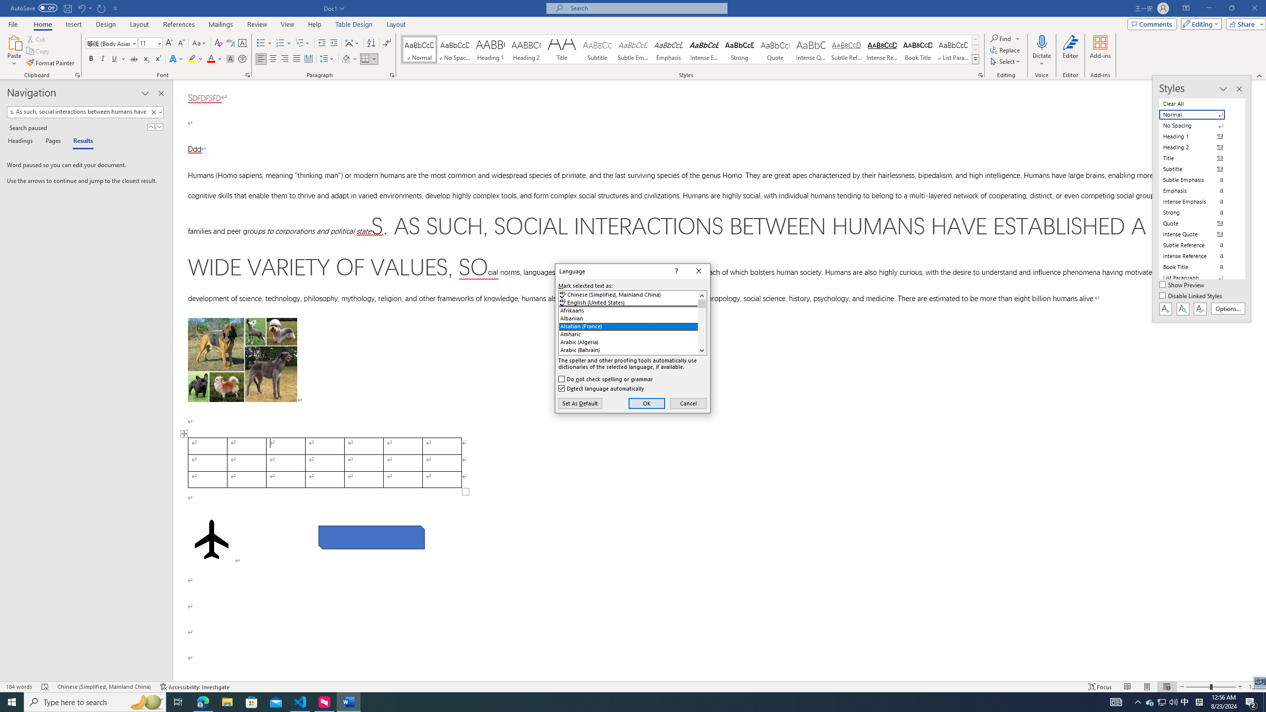 The image size is (1266, 712). I want to click on 'Print Layout', so click(1147, 687).